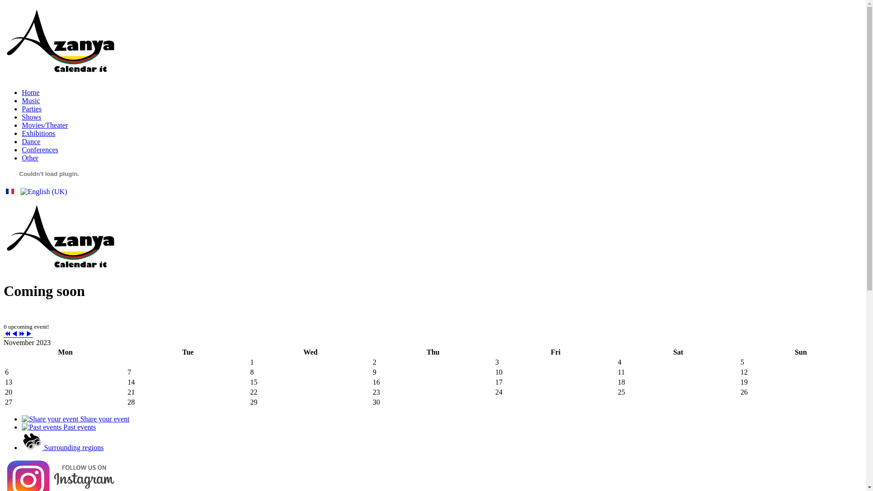 Image resolution: width=873 pixels, height=491 pixels. What do you see at coordinates (44, 125) in the screenshot?
I see `'Movies/Theater'` at bounding box center [44, 125].